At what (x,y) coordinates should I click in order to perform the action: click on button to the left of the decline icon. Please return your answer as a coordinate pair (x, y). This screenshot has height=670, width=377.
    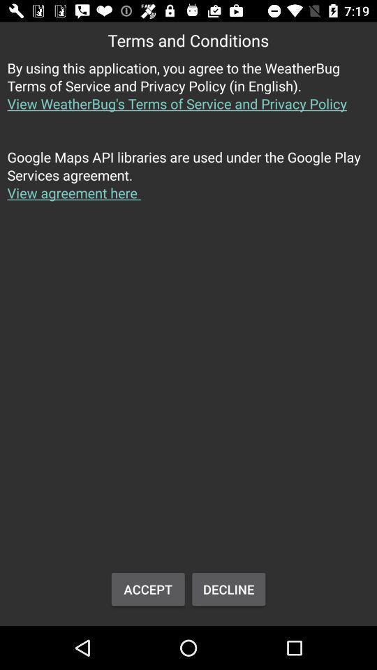
    Looking at the image, I should click on (147, 588).